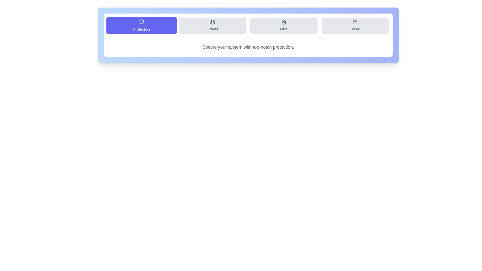 The width and height of the screenshot is (482, 271). Describe the element at coordinates (355, 22) in the screenshot. I see `the icon of the Break tab` at that location.